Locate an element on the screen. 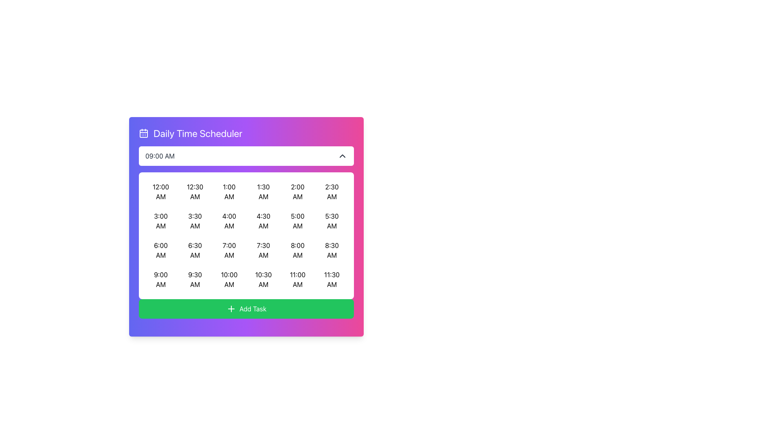  the '7:00 AM' time slot button is located at coordinates (228, 250).